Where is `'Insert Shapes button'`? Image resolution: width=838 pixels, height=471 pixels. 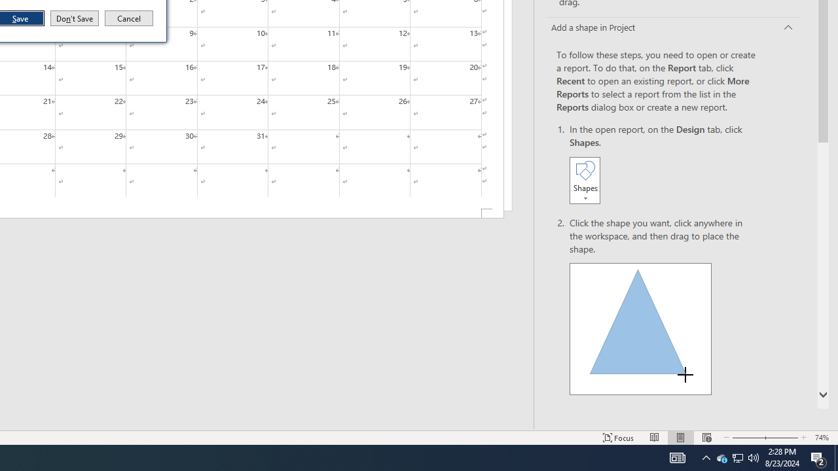
'Insert Shapes button' is located at coordinates (584, 180).